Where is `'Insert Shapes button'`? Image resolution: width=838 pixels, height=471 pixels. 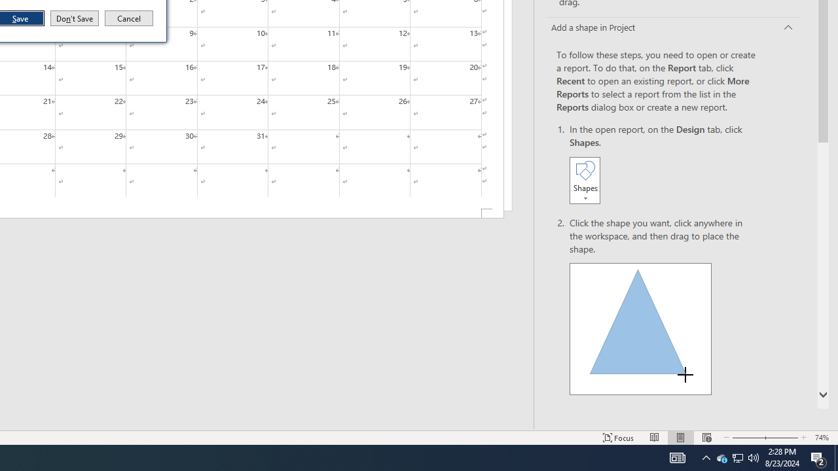
'Insert Shapes button' is located at coordinates (584, 180).